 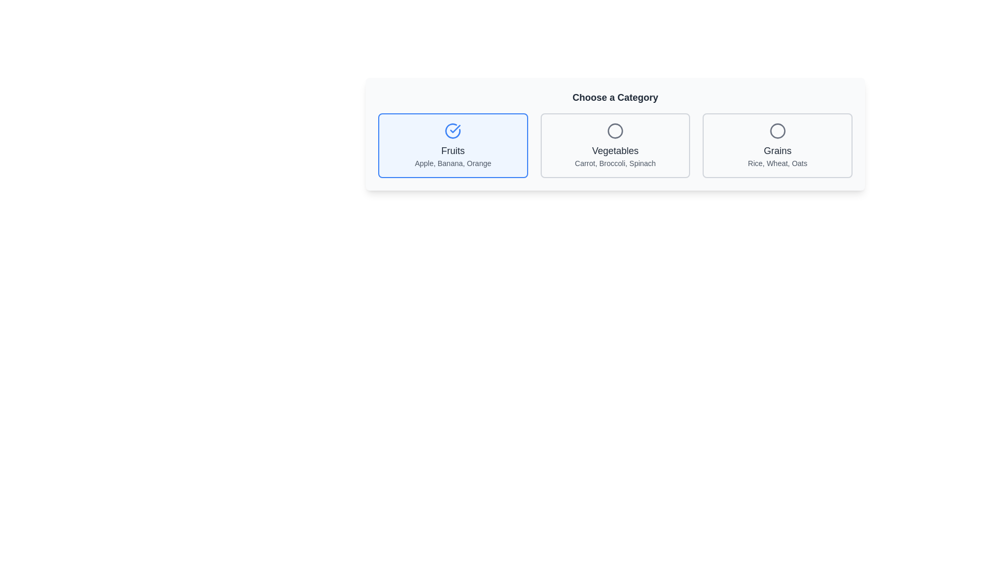 What do you see at coordinates (453, 130) in the screenshot?
I see `styling of the selection indicator icon located in the upper central section of the 'Fruits' card, which visually confirms that the 'Fruits' category is selected` at bounding box center [453, 130].